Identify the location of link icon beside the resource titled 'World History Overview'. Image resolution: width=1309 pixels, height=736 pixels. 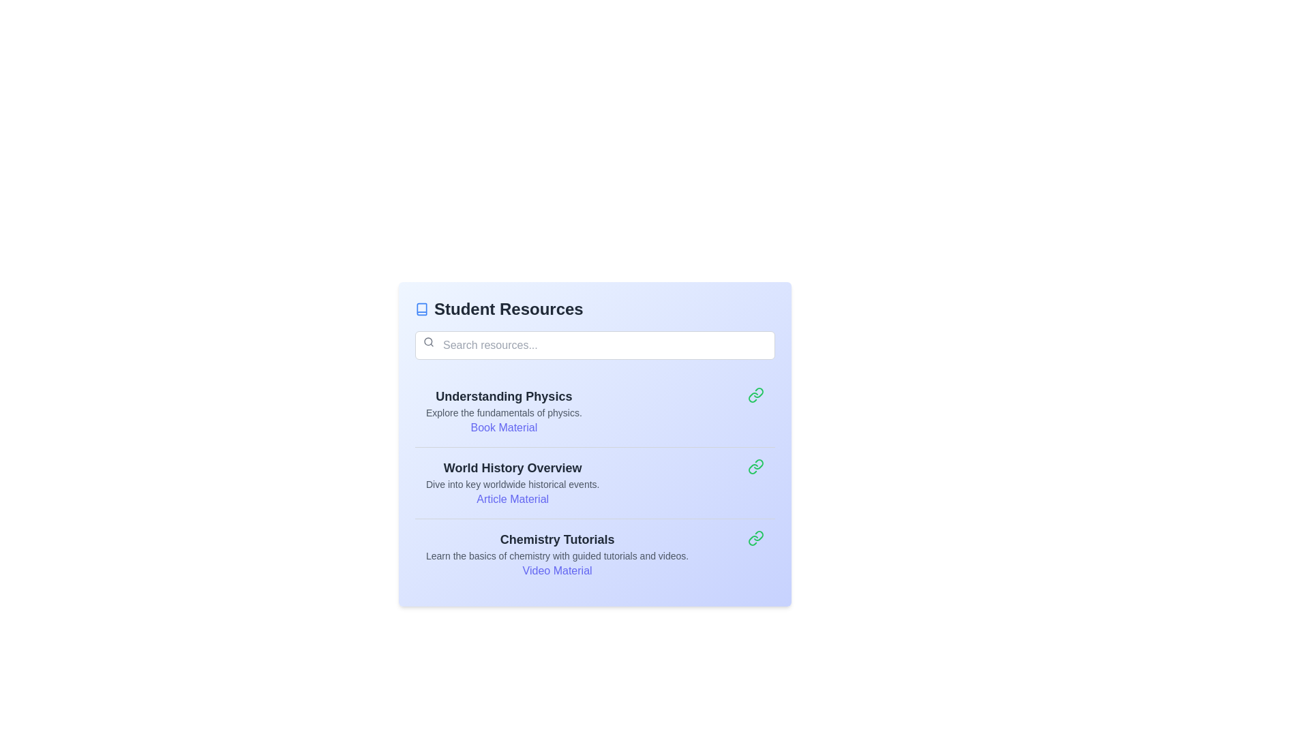
(755, 466).